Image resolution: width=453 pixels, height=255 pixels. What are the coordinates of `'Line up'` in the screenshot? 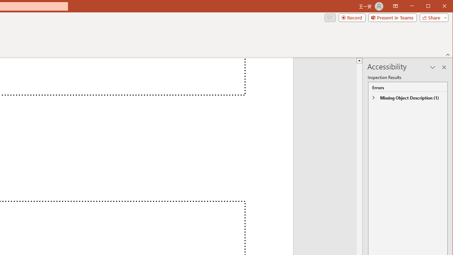 It's located at (359, 60).